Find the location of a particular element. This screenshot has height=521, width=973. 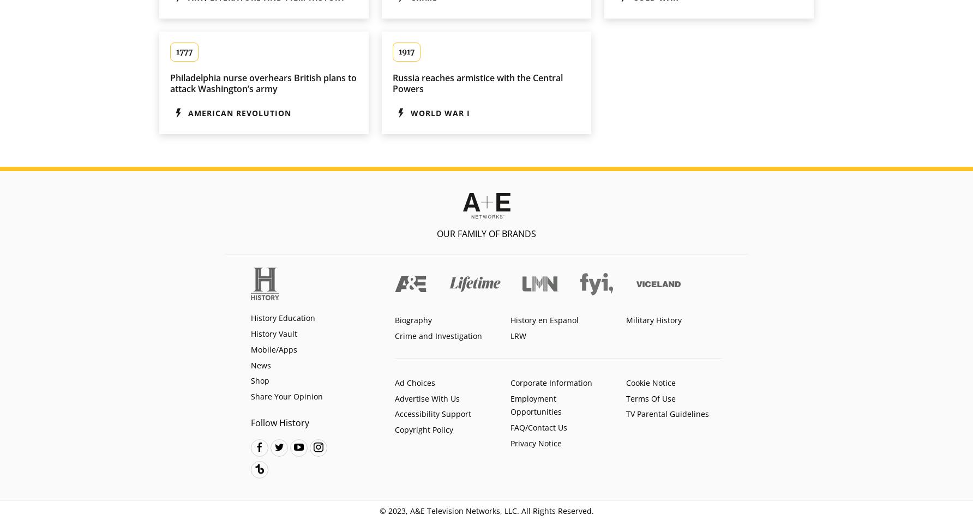

'World War I' is located at coordinates (440, 112).